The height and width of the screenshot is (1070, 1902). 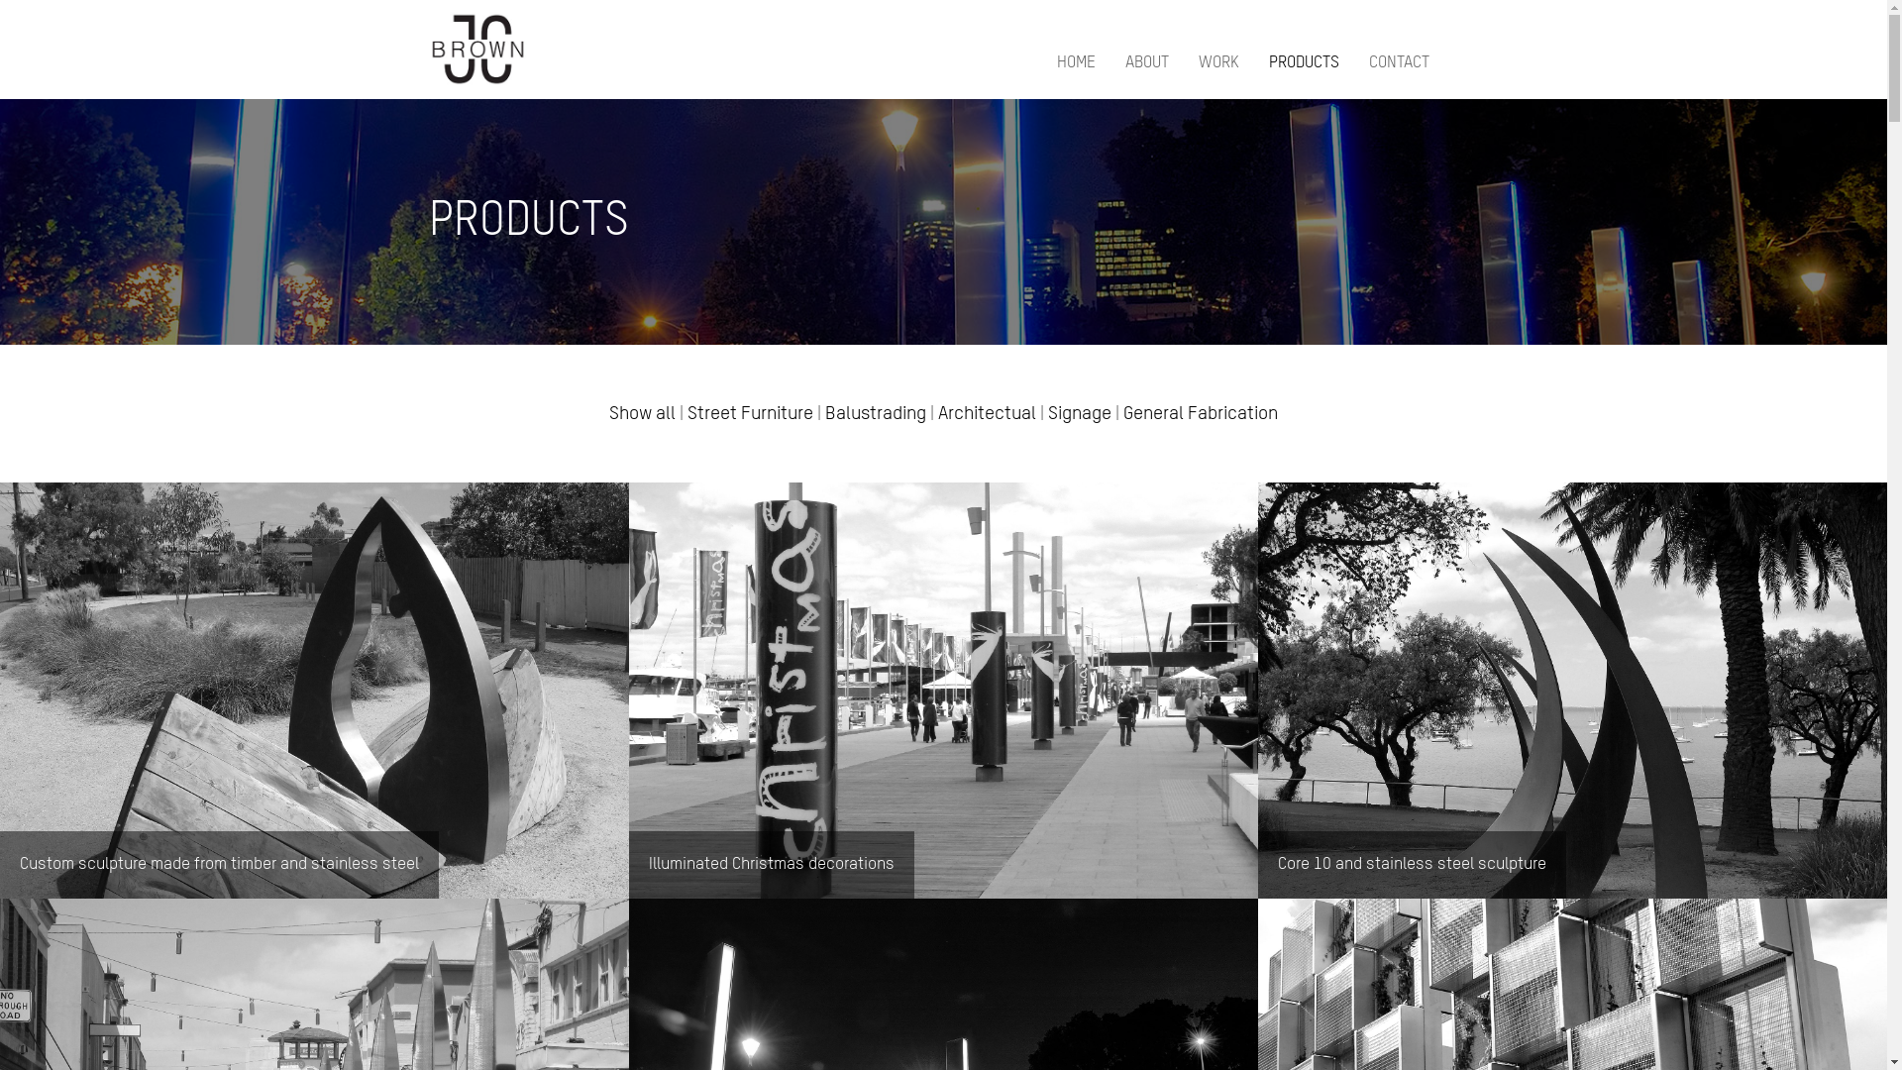 I want to click on 'ABOUT', so click(x=1146, y=63).